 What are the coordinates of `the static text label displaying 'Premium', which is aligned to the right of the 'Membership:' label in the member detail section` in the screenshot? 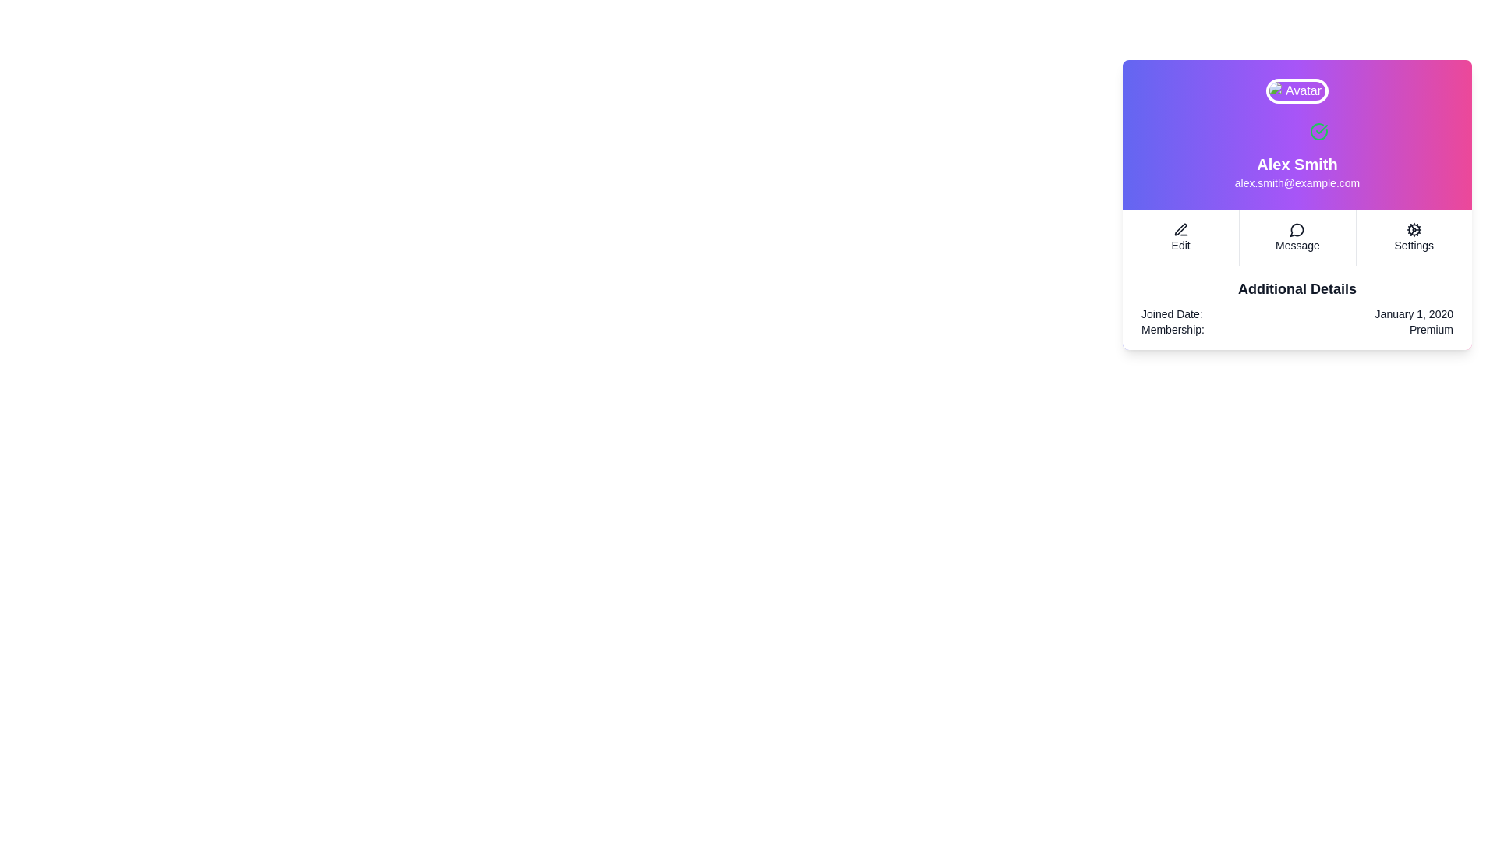 It's located at (1431, 329).